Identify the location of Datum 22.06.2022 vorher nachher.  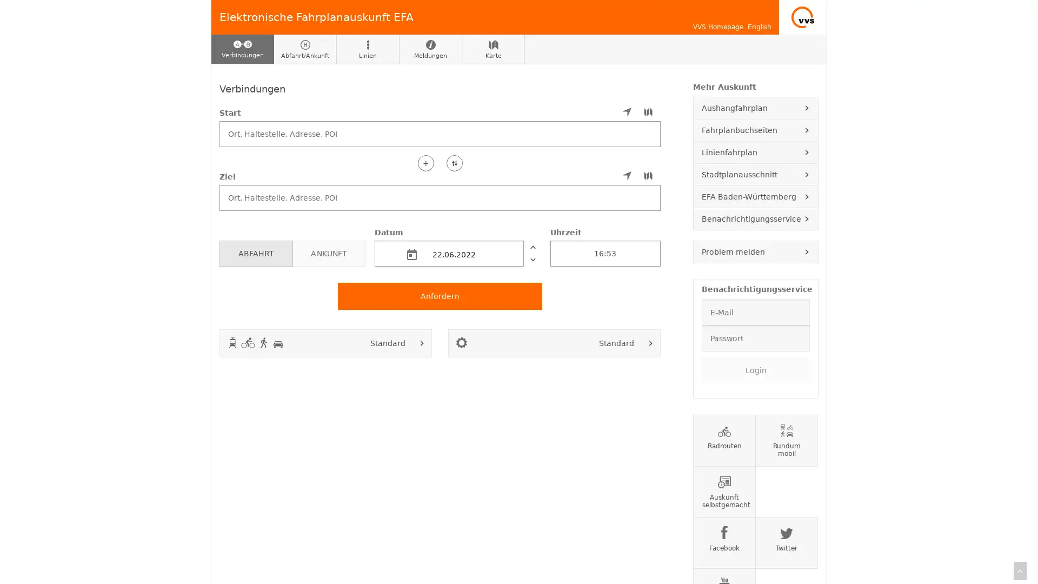
(457, 246).